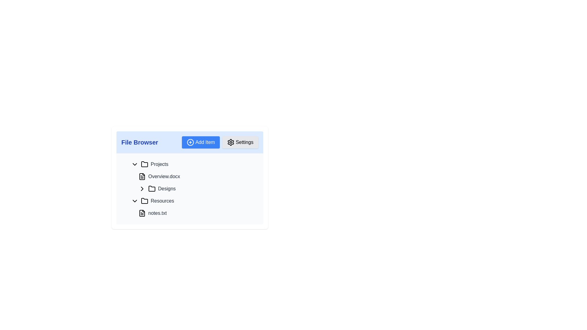 Image resolution: width=587 pixels, height=330 pixels. What do you see at coordinates (142, 188) in the screenshot?
I see `the arrow icon to the left of the 'Designs' text label, which serves as a navigation component for expanding the 'Designs' folder` at bounding box center [142, 188].